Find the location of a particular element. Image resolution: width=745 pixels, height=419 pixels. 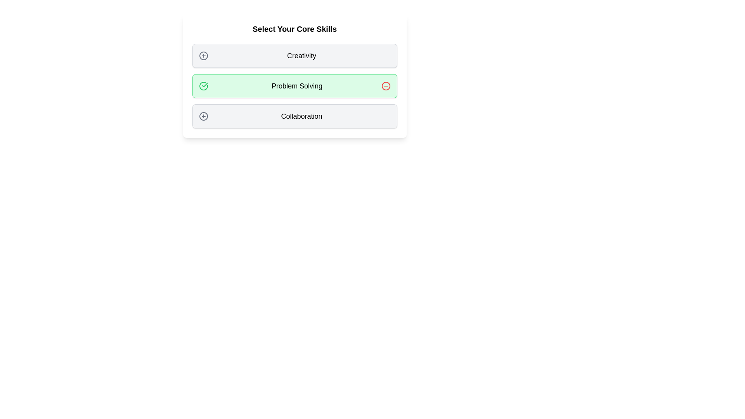

the tag labeled Problem Solving to observe its hover effect is located at coordinates (294, 86).